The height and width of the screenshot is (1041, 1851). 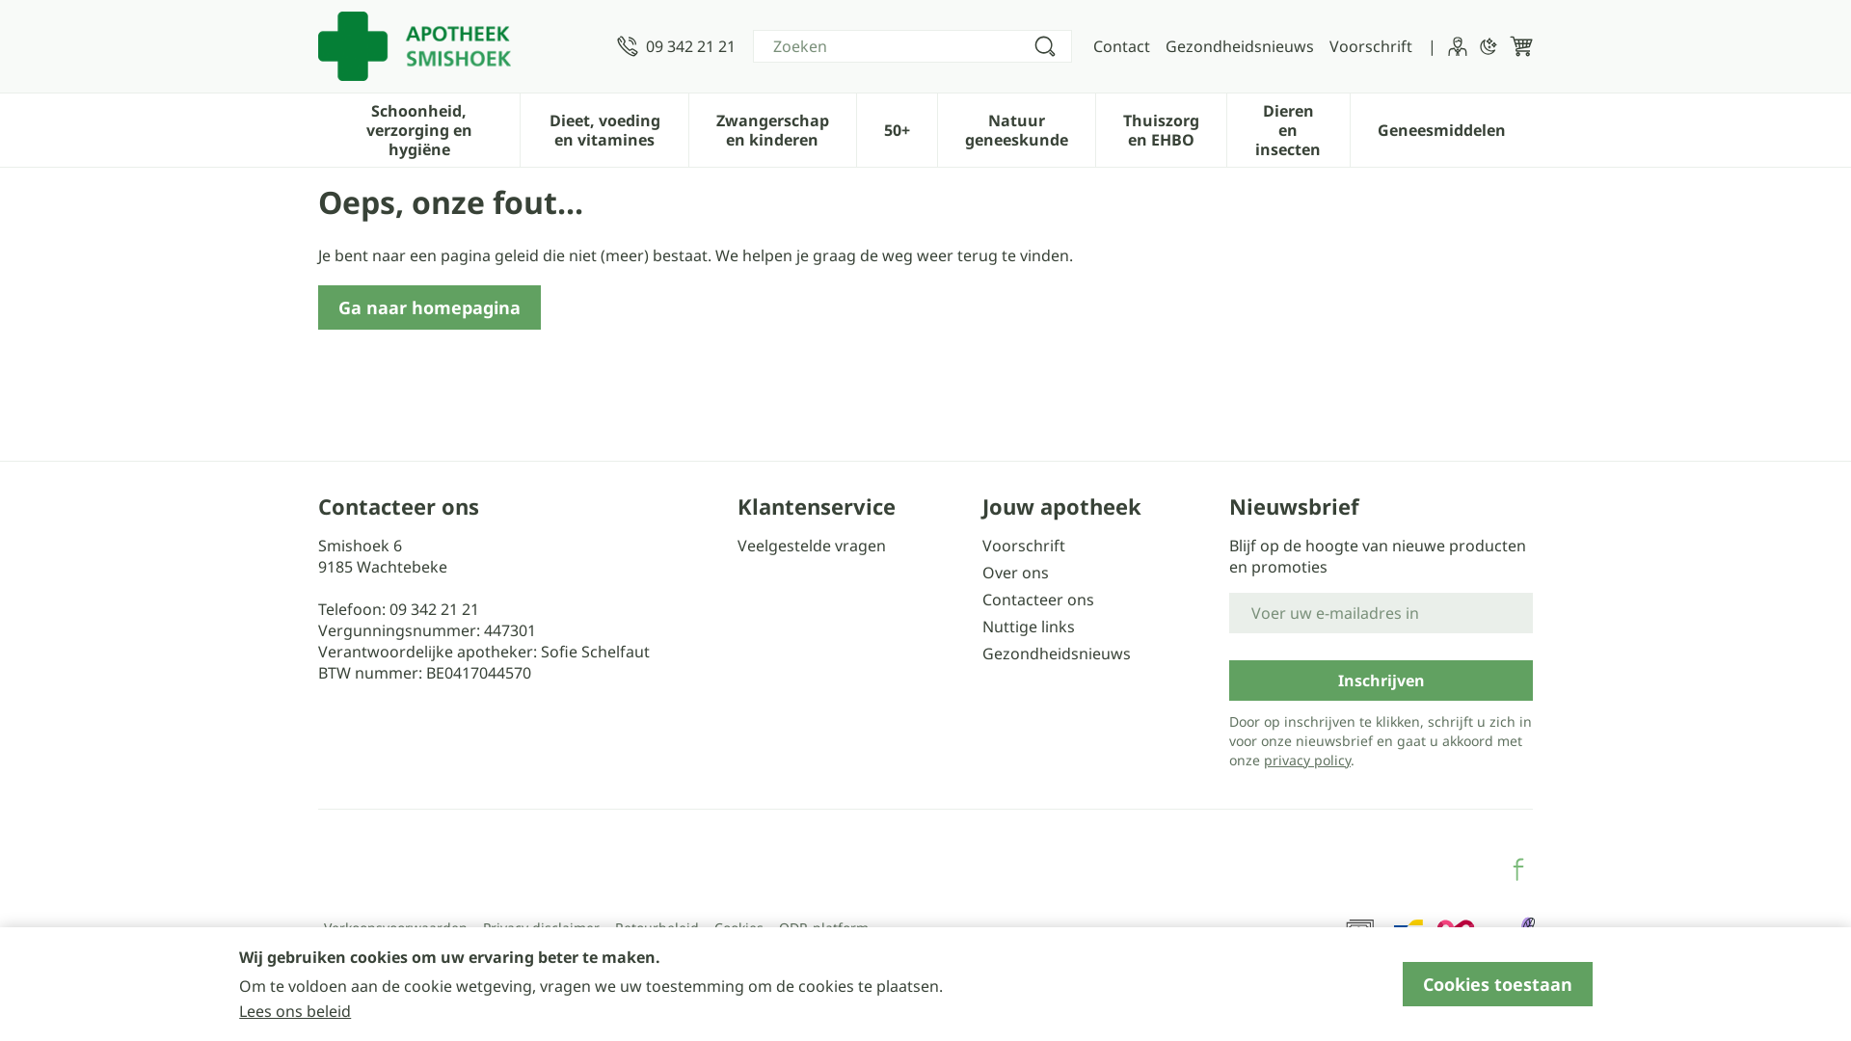 I want to click on 'Klant menu', so click(x=1458, y=44).